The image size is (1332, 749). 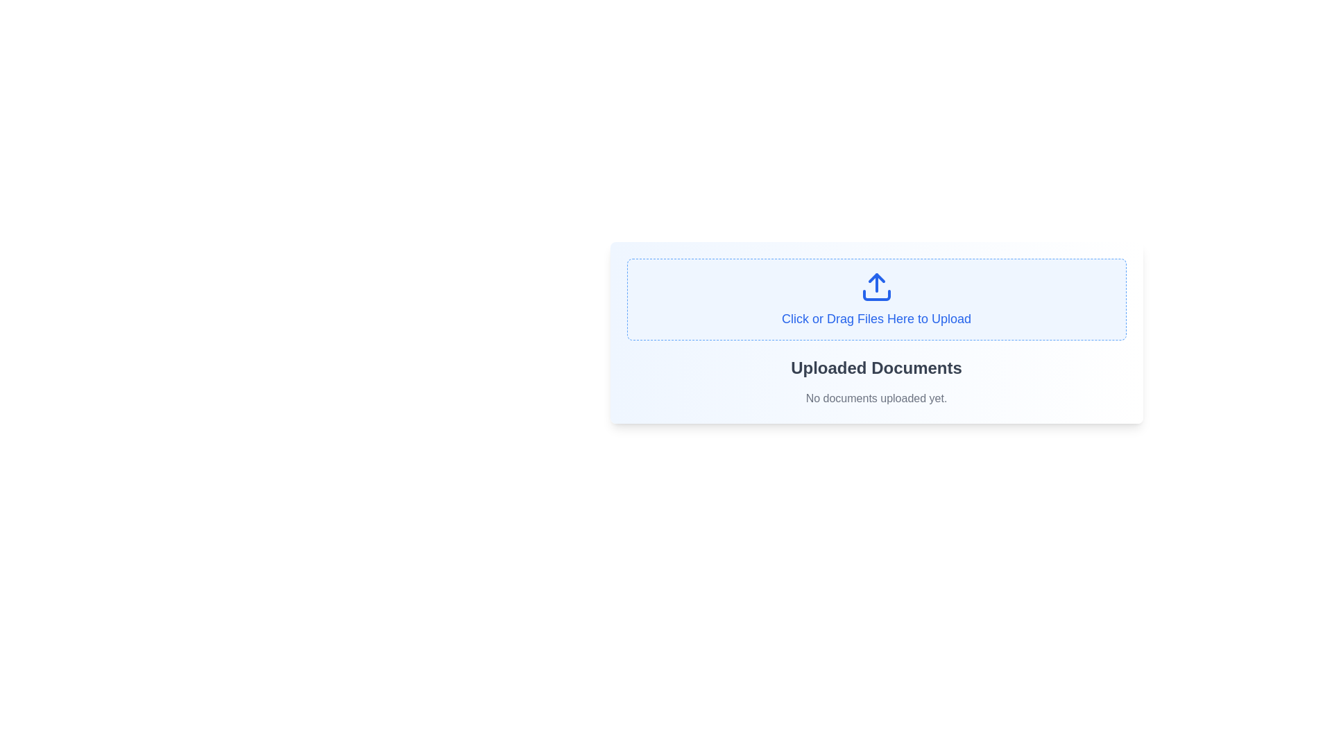 What do you see at coordinates (876, 318) in the screenshot?
I see `text from the Text label element that contains 'Click or Drag Files Here to Upload', which is styled in medium-sized blue font and changes to darker blue on hover` at bounding box center [876, 318].